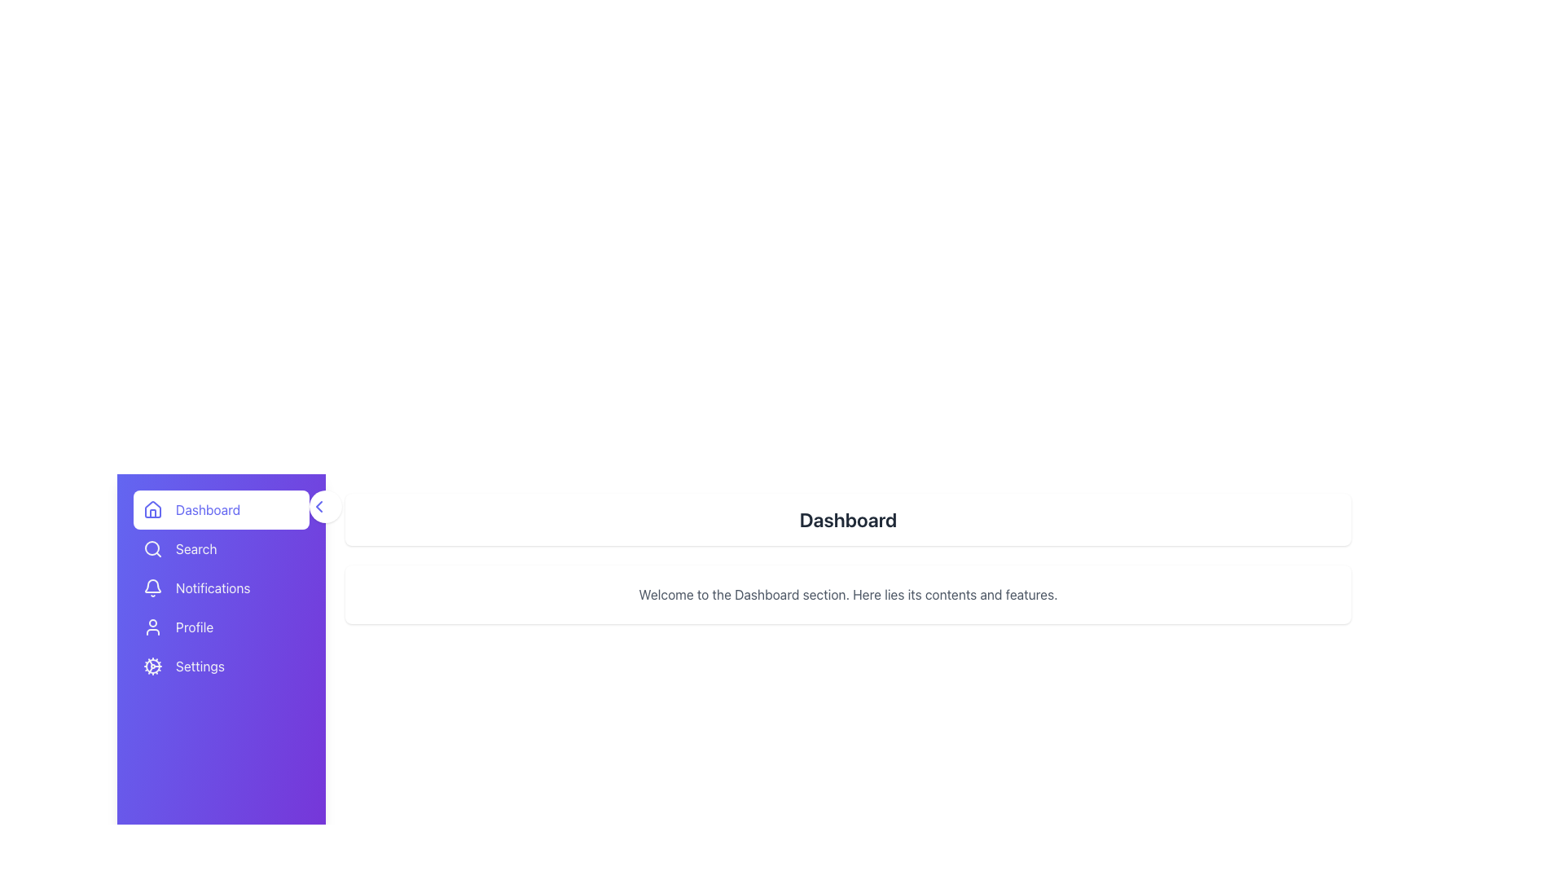  Describe the element at coordinates (212, 587) in the screenshot. I see `the 'Notifications' label text, which is displayed in white font and is located in the navigation menu with a purple background, positioned third from the top` at that location.